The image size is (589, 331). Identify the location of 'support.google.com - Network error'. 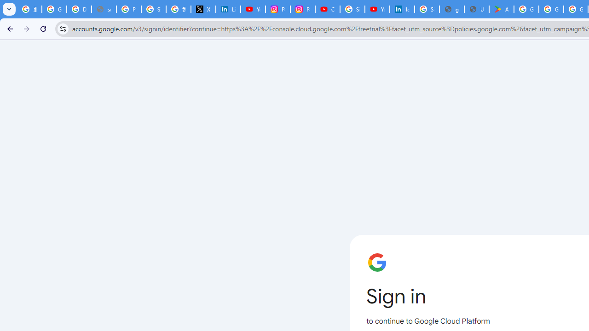
(104, 9).